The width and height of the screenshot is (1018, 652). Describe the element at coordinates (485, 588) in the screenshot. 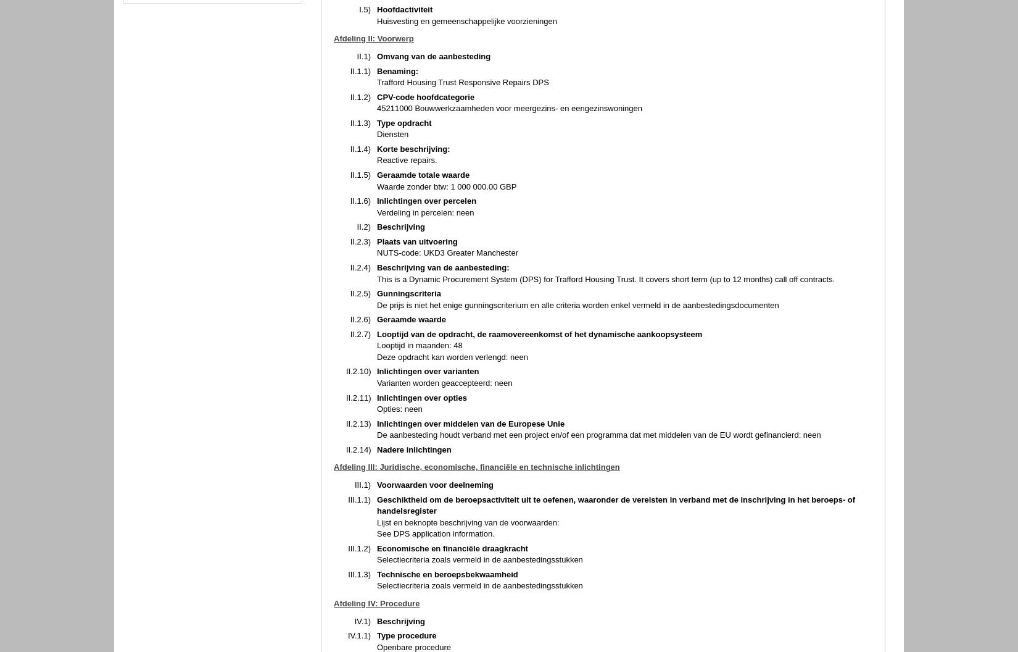

I see `'Contact'` at that location.